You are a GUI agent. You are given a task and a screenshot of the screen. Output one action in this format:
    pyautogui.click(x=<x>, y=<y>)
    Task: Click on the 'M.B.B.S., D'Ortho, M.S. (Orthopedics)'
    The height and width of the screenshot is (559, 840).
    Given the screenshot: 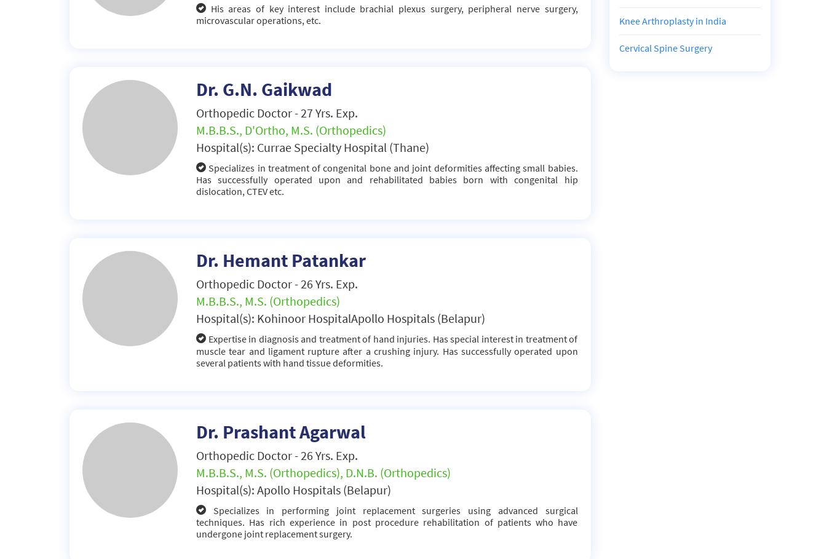 What is the action you would take?
    pyautogui.click(x=291, y=129)
    